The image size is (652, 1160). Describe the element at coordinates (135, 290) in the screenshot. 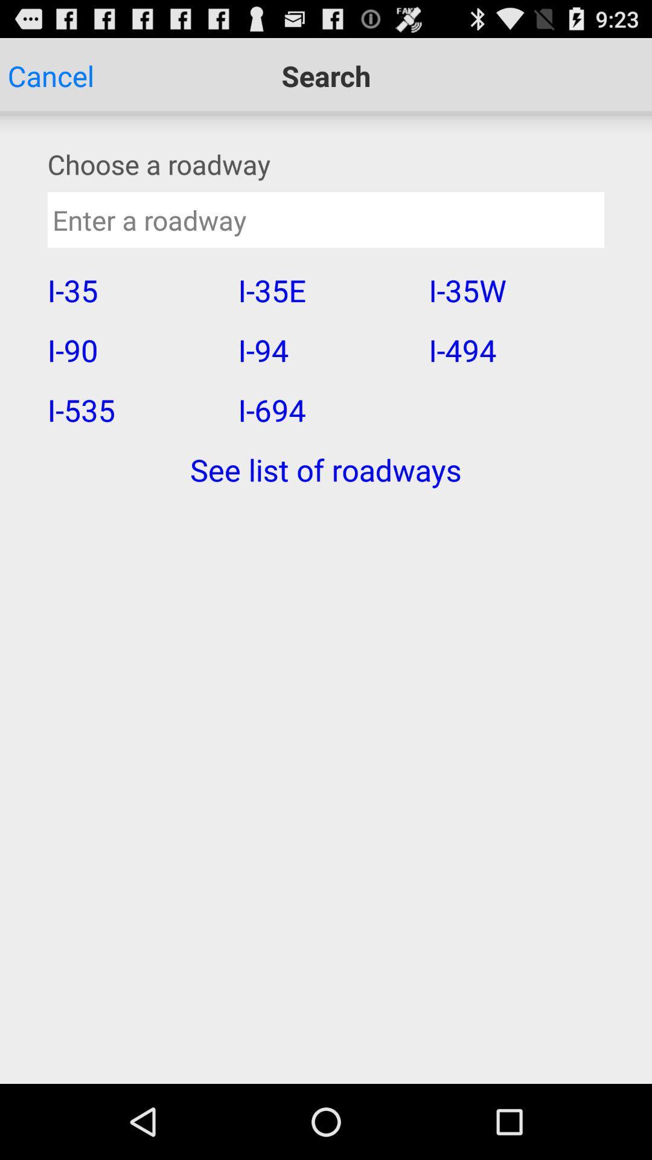

I see `icon above i-90` at that location.